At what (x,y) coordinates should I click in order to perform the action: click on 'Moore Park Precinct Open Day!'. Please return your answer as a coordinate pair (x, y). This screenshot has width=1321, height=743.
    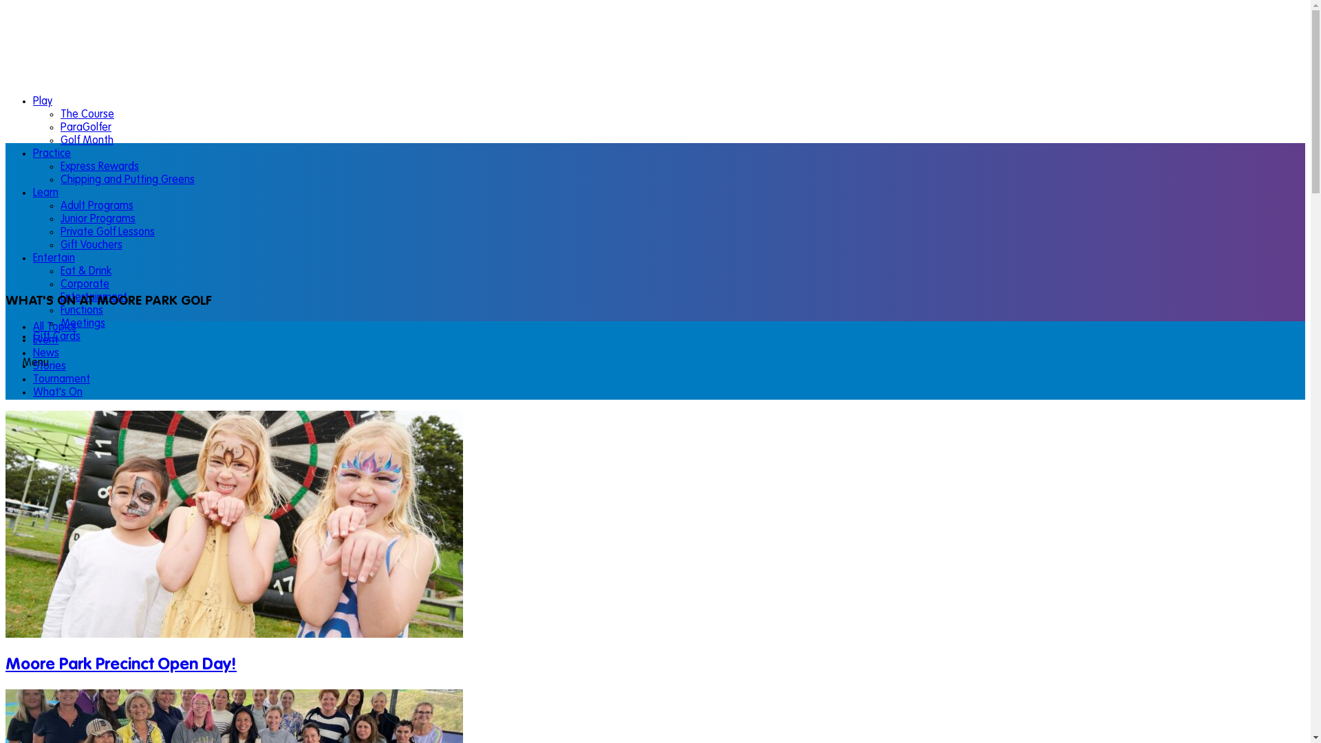
    Looking at the image, I should click on (121, 665).